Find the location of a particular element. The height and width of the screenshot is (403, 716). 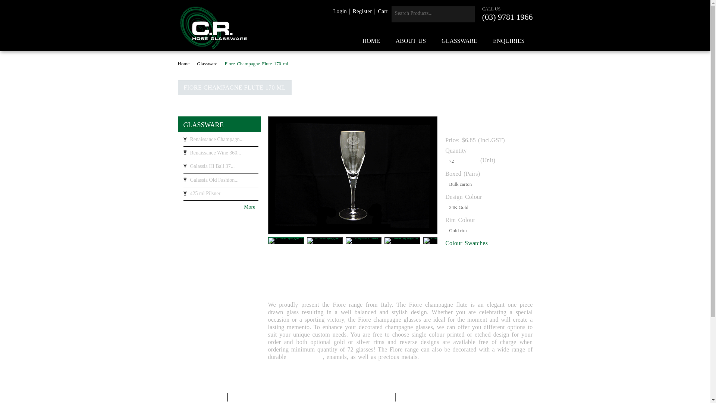

'Login' is located at coordinates (339, 11).